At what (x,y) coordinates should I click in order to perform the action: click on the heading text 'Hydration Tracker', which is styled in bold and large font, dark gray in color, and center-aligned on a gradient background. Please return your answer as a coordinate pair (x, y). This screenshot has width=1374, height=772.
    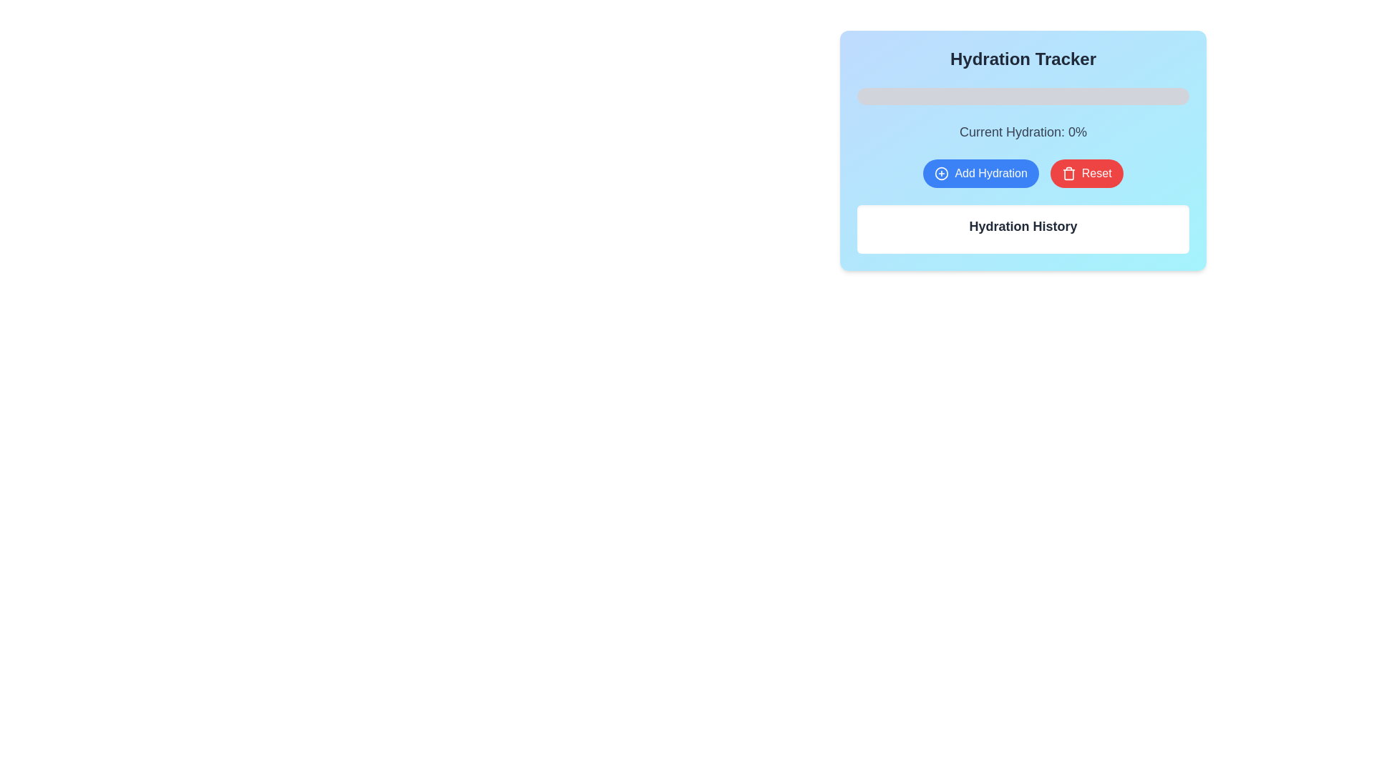
    Looking at the image, I should click on (1023, 59).